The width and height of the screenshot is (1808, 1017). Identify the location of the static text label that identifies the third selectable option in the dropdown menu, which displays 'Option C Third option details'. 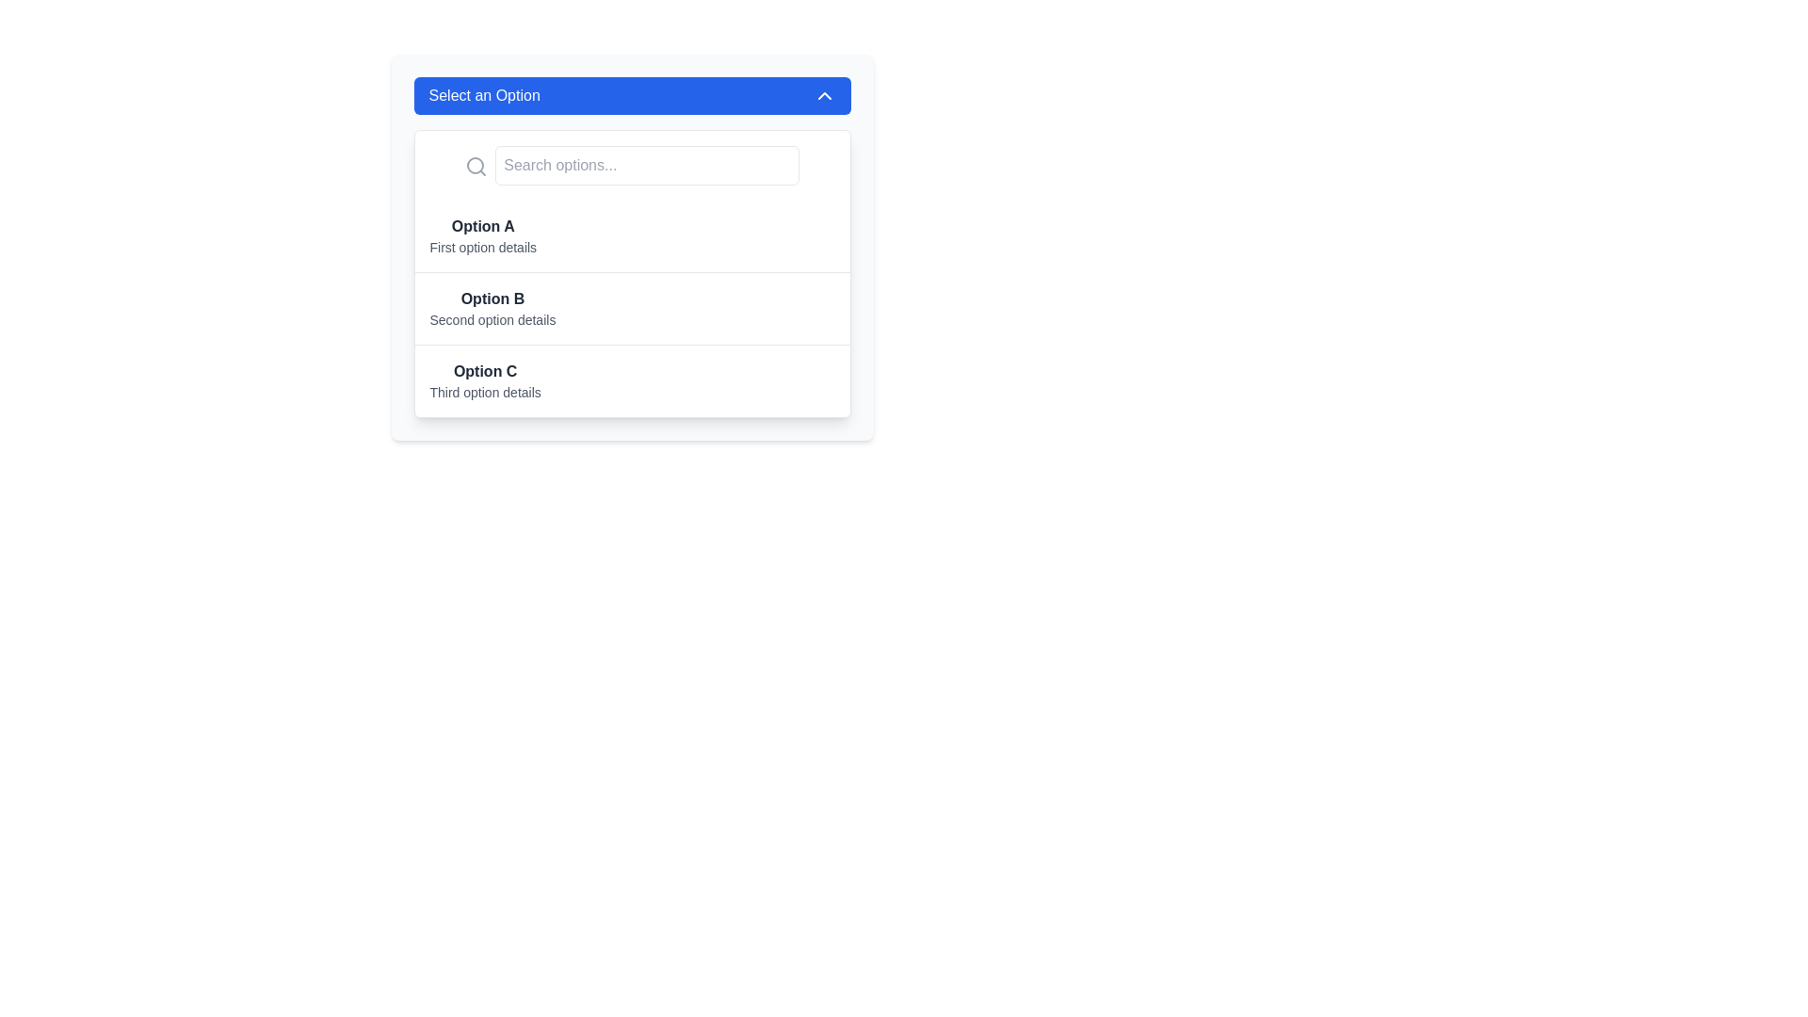
(485, 371).